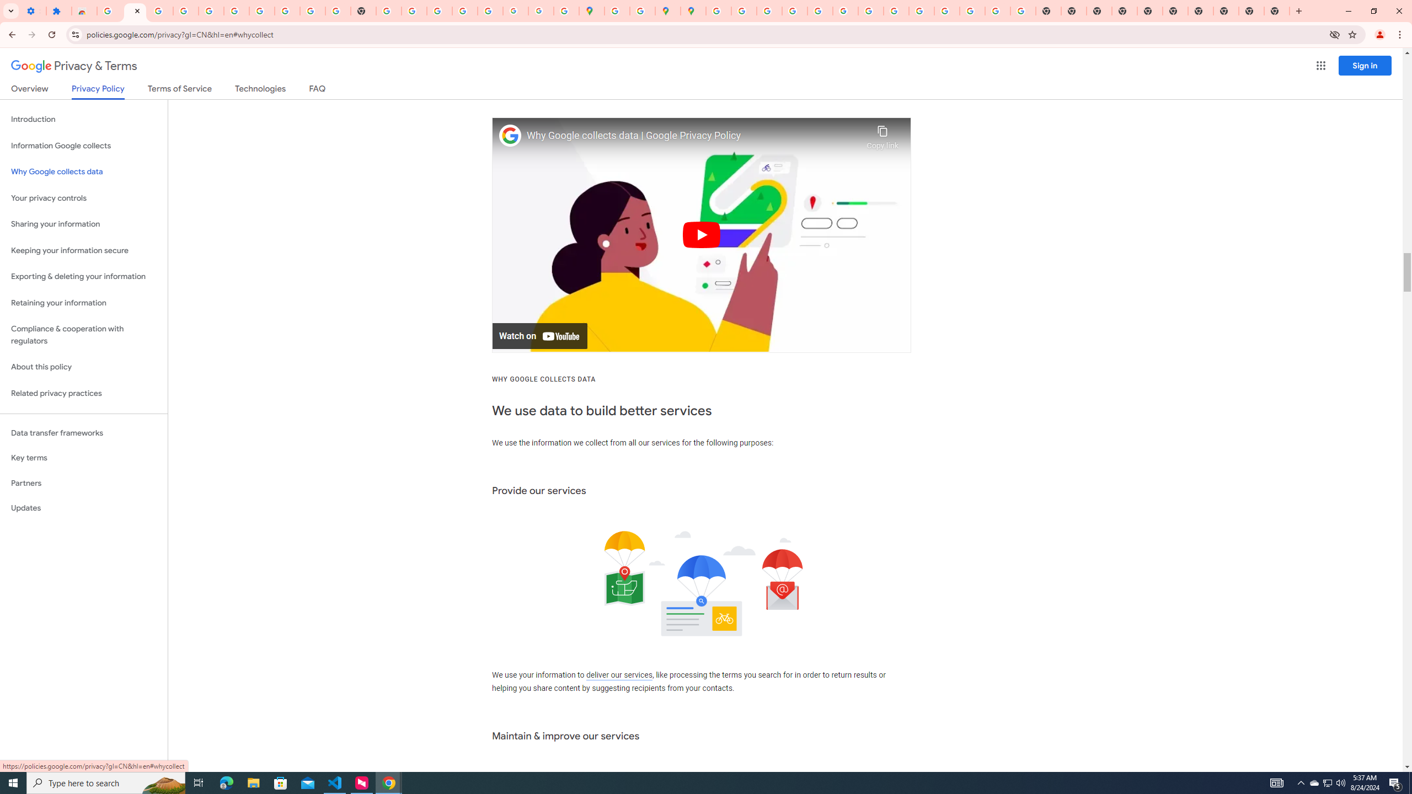 The image size is (1412, 794). I want to click on 'Reviews: Helix Fruit Jump Arcade Game', so click(83, 10).